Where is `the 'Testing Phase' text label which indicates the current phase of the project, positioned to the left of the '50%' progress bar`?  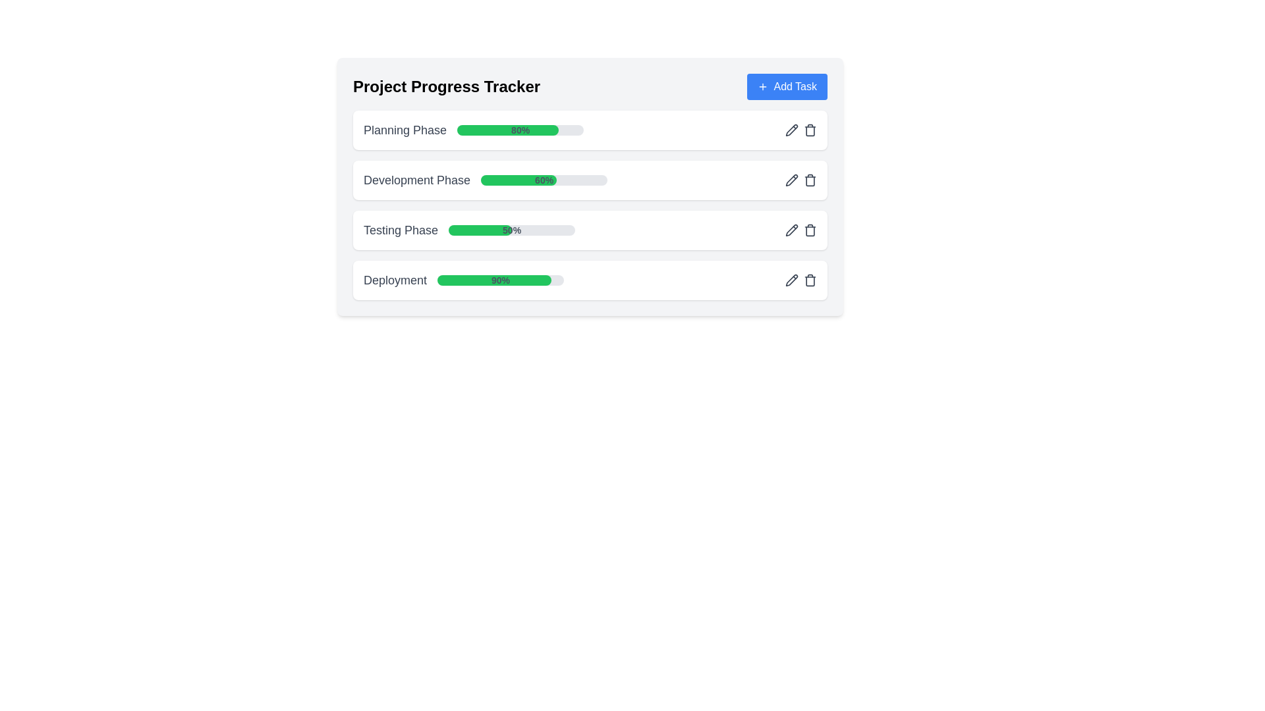
the 'Testing Phase' text label which indicates the current phase of the project, positioned to the left of the '50%' progress bar is located at coordinates (400, 230).